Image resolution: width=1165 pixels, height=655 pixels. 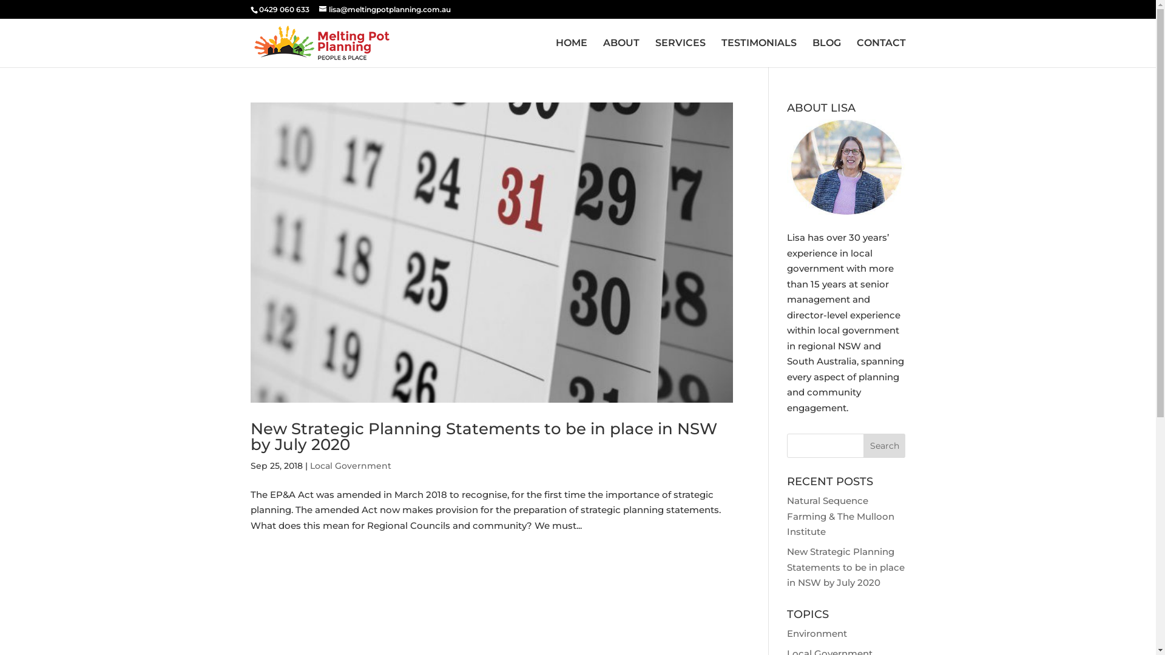 What do you see at coordinates (621, 52) in the screenshot?
I see `'ABOUT'` at bounding box center [621, 52].